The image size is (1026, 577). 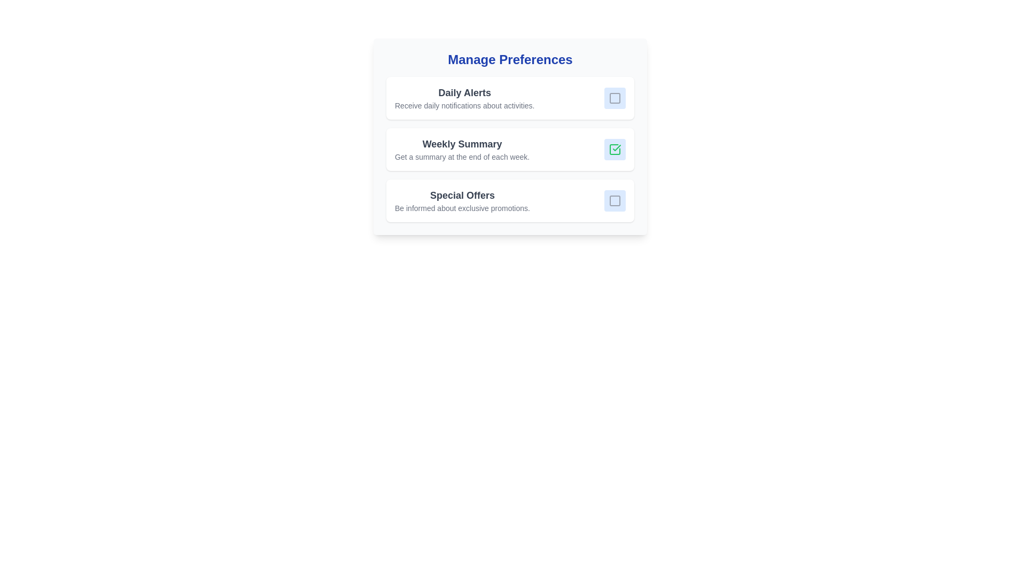 What do you see at coordinates (615, 98) in the screenshot?
I see `the Checkbox-like button with a light blue background and a rounded border, located on the right side of the 'Daily Alerts' section, next to the text 'Receive daily notifications about activities.'` at bounding box center [615, 98].